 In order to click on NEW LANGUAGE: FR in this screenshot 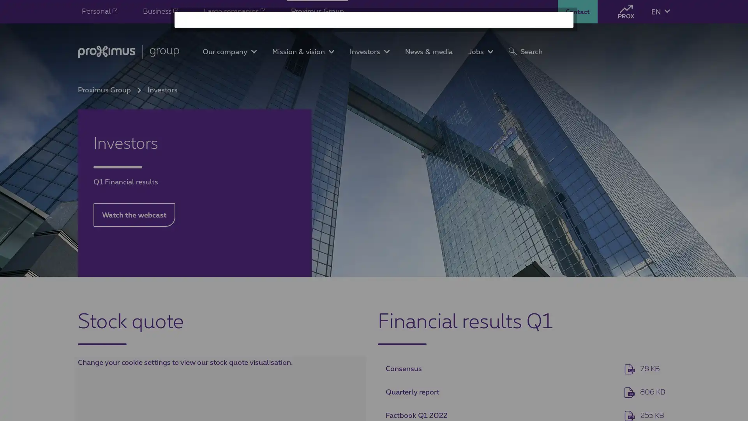, I will do `click(660, 32)`.